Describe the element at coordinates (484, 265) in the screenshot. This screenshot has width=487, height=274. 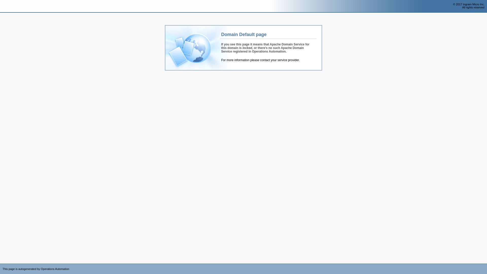
I see `'Powered by CloudBlue Commerce'` at that location.